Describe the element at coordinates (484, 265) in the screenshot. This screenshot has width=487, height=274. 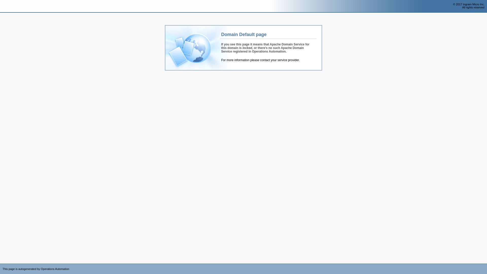
I see `'Powered by CloudBlue Commerce'` at that location.